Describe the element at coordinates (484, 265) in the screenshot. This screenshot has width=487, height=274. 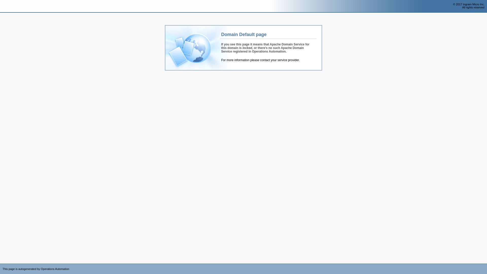
I see `'Powered by CloudBlue Commerce'` at that location.